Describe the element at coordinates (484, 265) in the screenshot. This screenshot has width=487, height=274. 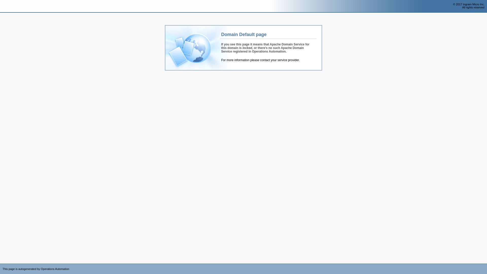
I see `'Powered by CloudBlue Commerce'` at that location.